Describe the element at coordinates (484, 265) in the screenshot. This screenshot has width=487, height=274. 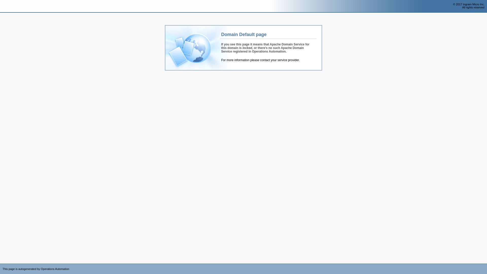
I see `'Powered by CloudBlue Commerce'` at that location.